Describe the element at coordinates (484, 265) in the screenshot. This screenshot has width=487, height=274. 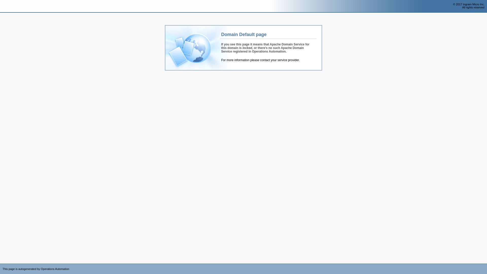
I see `'Powered by CloudBlue Commerce'` at that location.